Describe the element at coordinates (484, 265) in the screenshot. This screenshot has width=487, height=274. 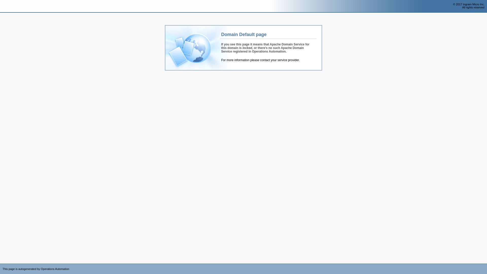
I see `'Powered by CloudBlue Commerce'` at that location.